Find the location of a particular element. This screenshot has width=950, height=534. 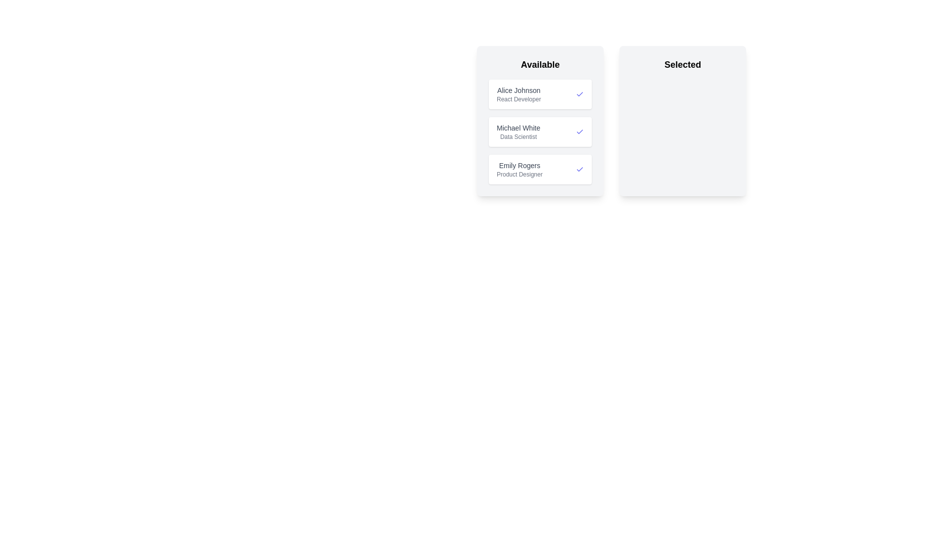

the 'Check' icon for the candidate named Emily Rogers to move them to the 'Selected' list is located at coordinates (579, 169).